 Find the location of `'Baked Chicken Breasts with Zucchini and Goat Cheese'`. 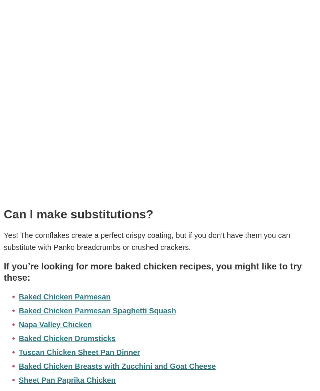

'Baked Chicken Breasts with Zucchini and Goat Cheese' is located at coordinates (19, 365).